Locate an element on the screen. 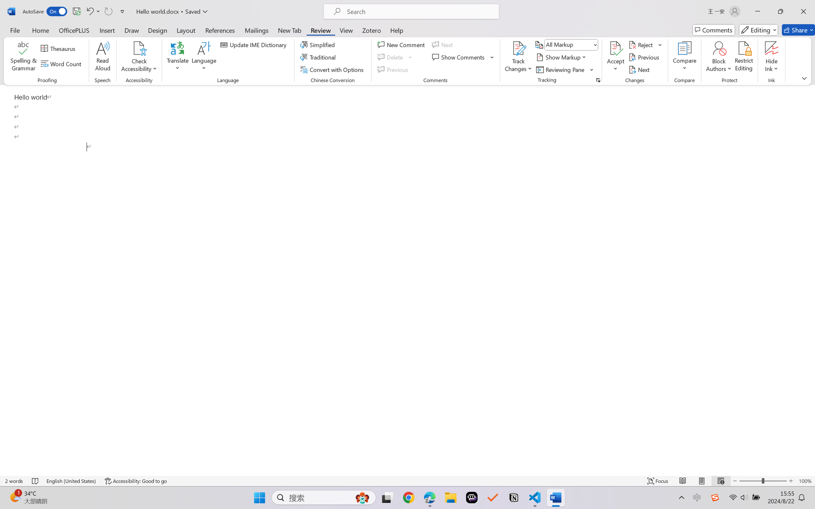 The image size is (815, 509). 'Hide Ink' is located at coordinates (772, 57).